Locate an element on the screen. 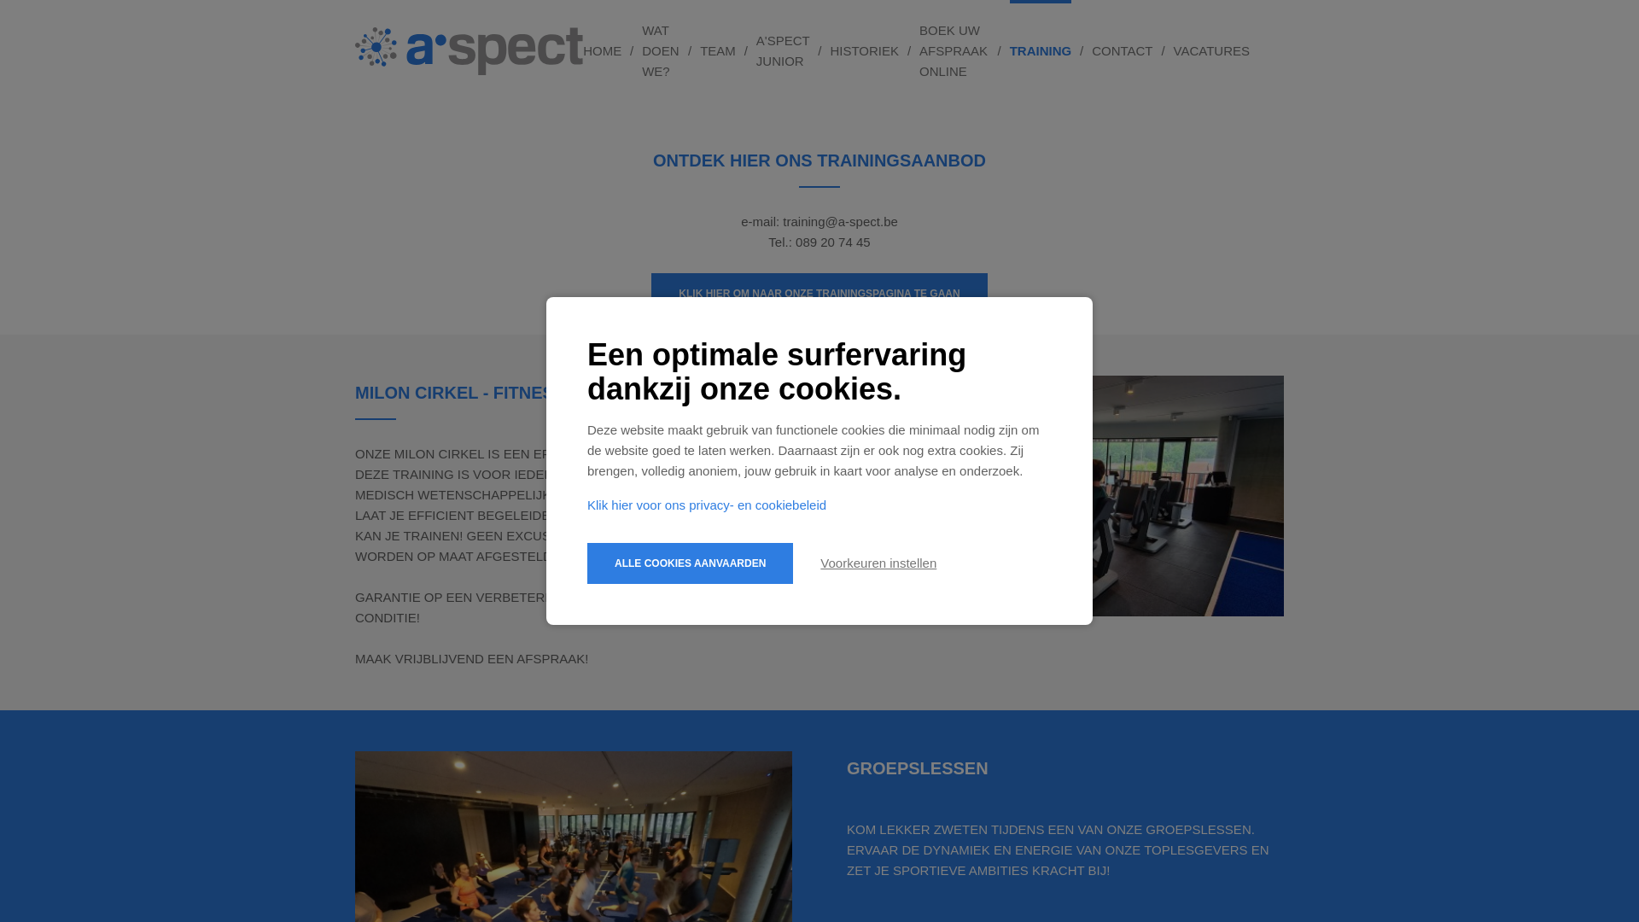 This screenshot has height=922, width=1639. 'TRAINING' is located at coordinates (1009, 50).